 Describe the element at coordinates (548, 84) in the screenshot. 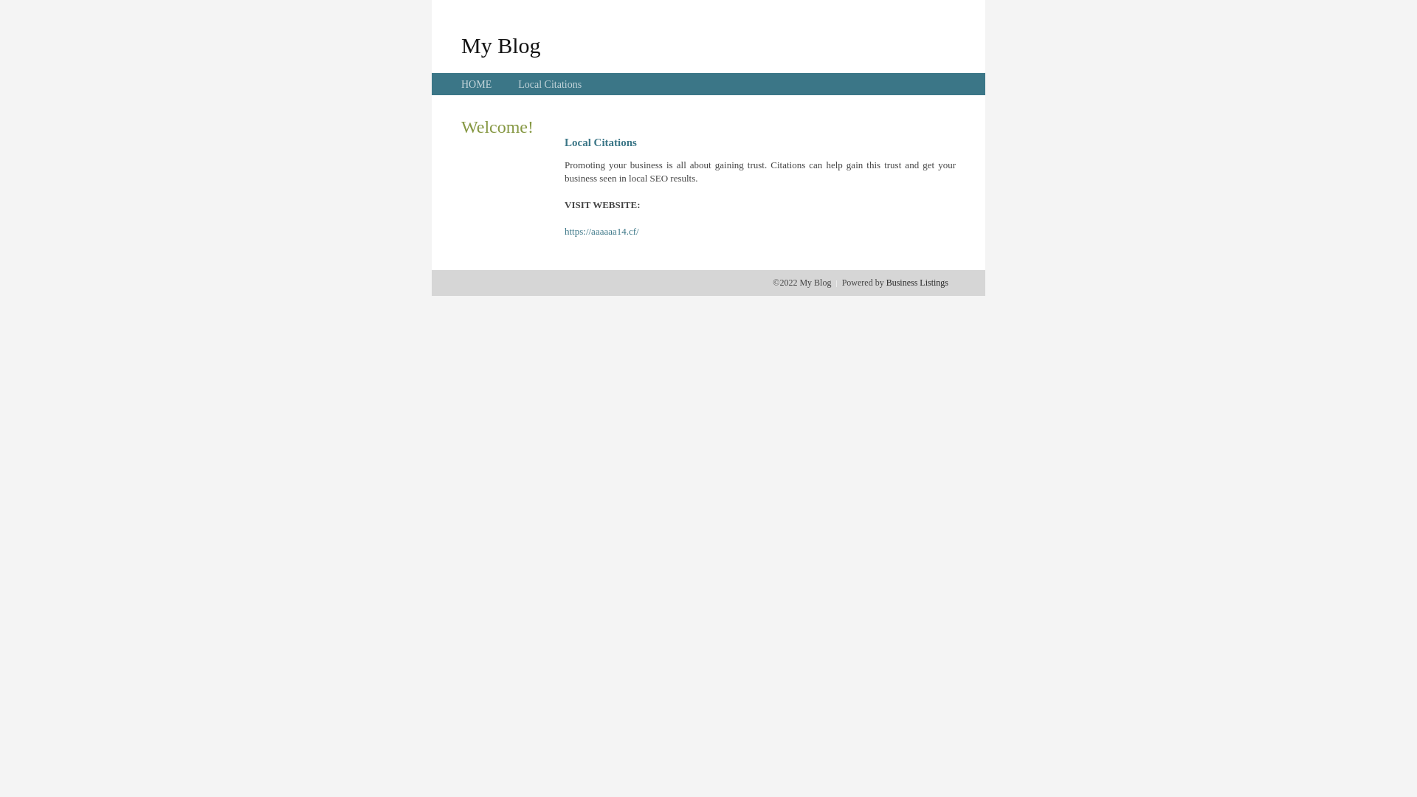

I see `'Local Citations'` at that location.